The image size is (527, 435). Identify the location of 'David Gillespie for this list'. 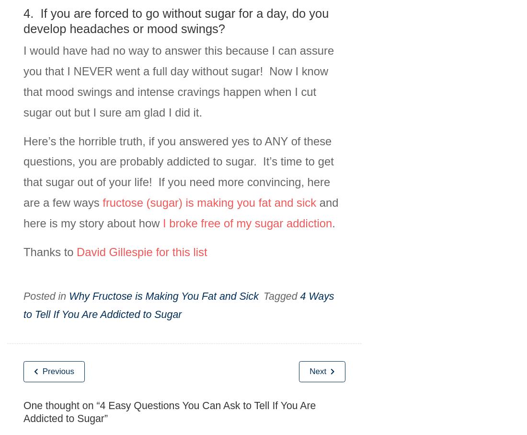
(141, 251).